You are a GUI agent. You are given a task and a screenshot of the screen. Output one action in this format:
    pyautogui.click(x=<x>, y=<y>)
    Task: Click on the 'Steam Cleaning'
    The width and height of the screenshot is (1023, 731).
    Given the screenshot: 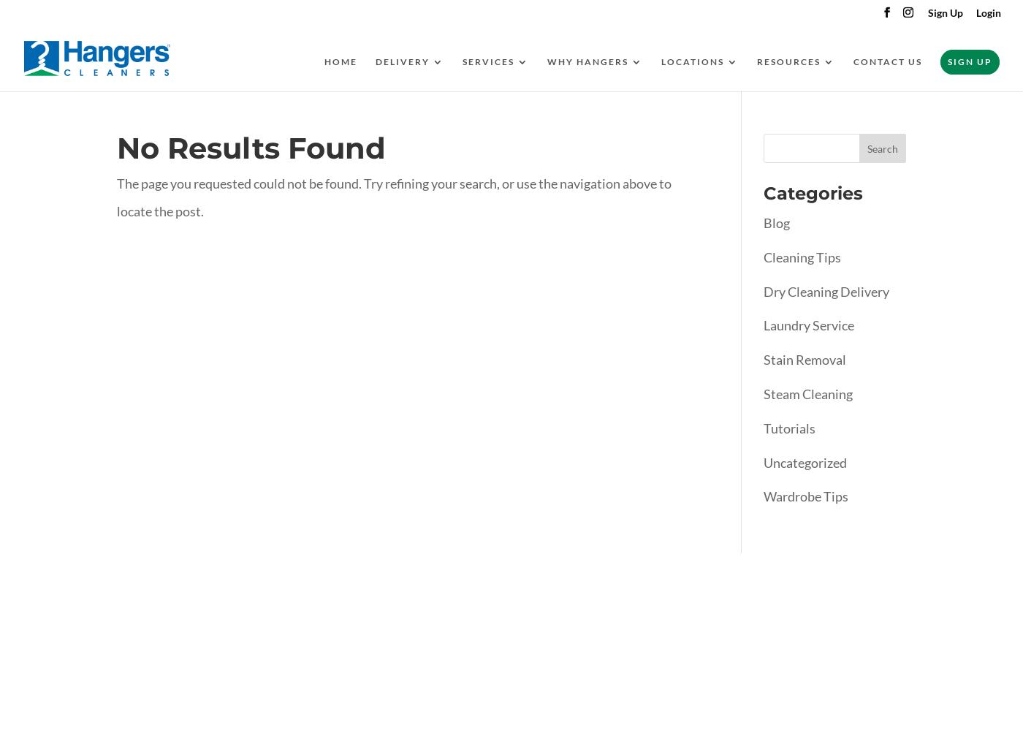 What is the action you would take?
    pyautogui.click(x=807, y=393)
    